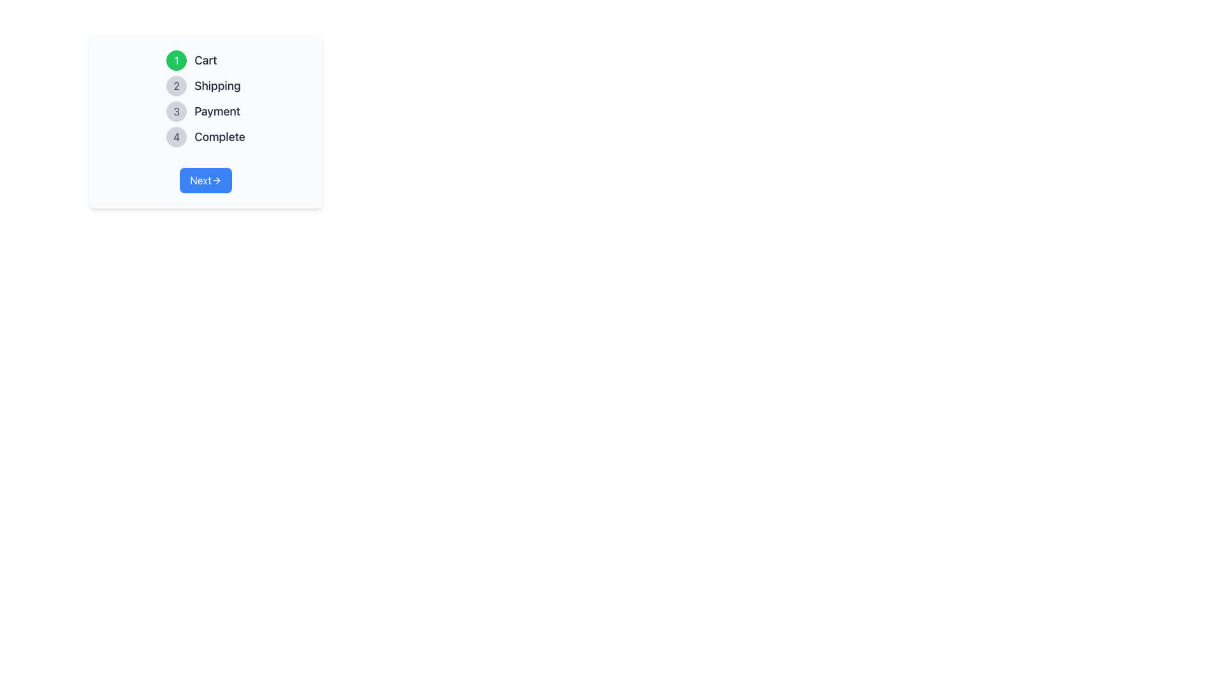 This screenshot has height=689, width=1224. Describe the element at coordinates (176, 137) in the screenshot. I see `the circular label with a light gray background and the numeral '4', which is located in the bottom-left section of the vertical sequence of numbered labels` at that location.